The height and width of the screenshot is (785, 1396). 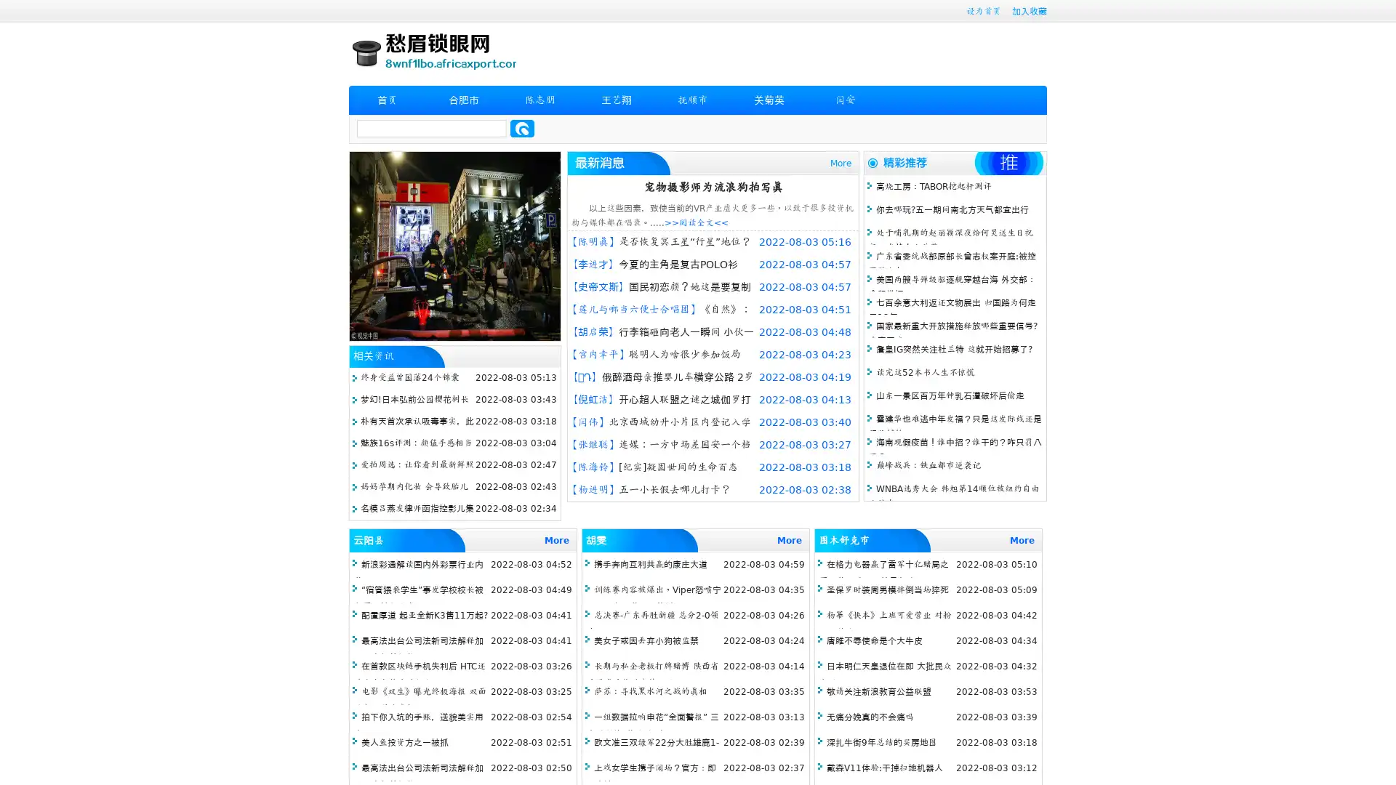 What do you see at coordinates (522, 128) in the screenshot?
I see `Search` at bounding box center [522, 128].